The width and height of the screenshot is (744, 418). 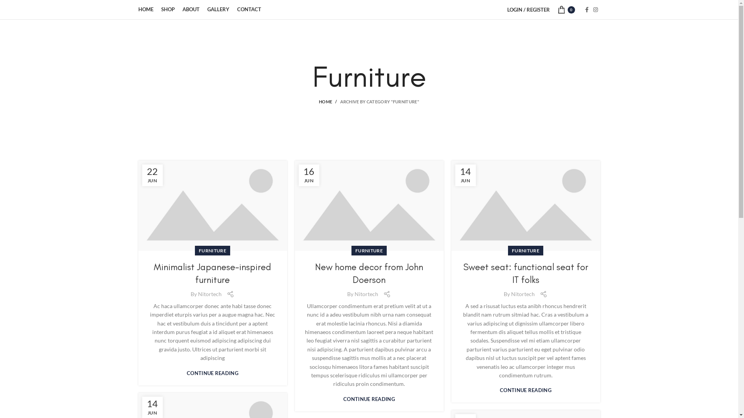 What do you see at coordinates (249, 9) in the screenshot?
I see `'CONTACT'` at bounding box center [249, 9].